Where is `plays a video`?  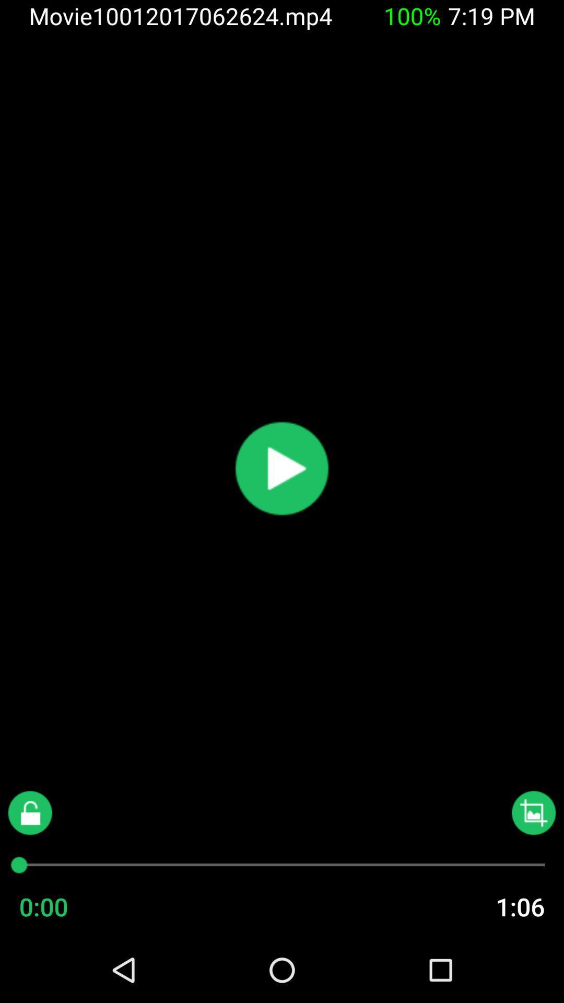 plays a video is located at coordinates (282, 468).